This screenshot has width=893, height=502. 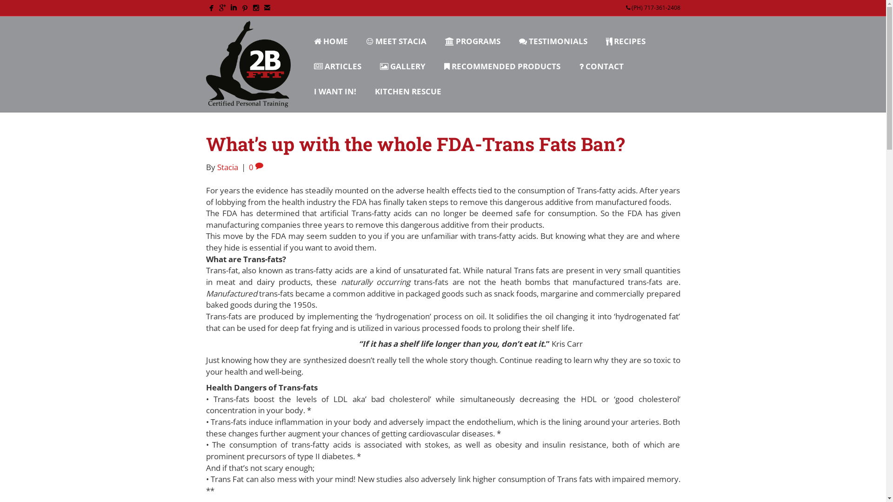 I want to click on 'TESTIMONIALS', so click(x=553, y=39).